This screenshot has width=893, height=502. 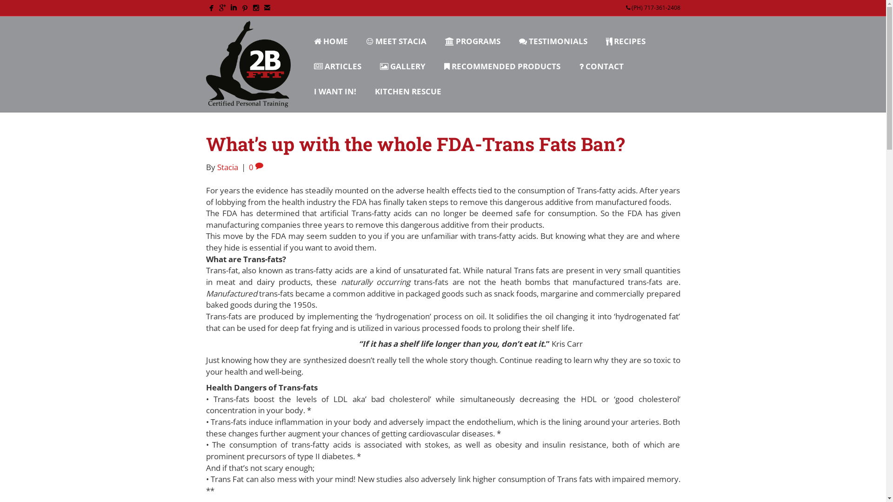 I want to click on 'TESTIMONIALS', so click(x=553, y=39).